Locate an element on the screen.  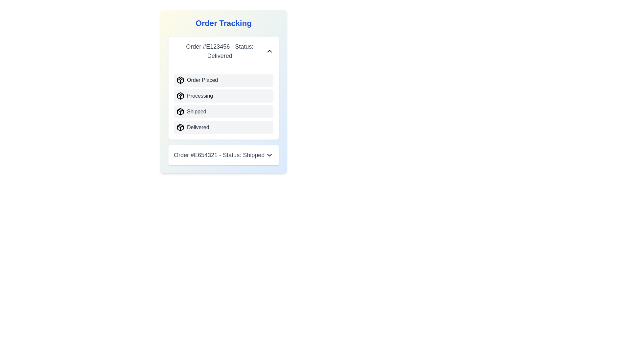
the stage Delivered in the order timeline is located at coordinates (180, 128).